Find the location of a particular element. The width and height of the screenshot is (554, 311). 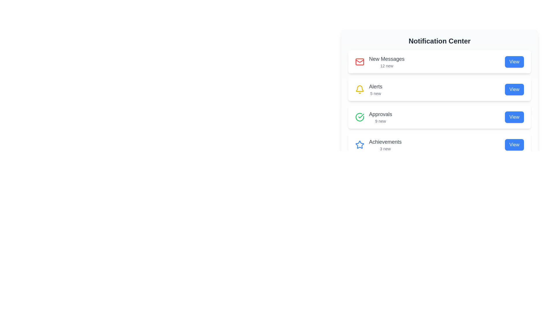

the button located at the end of the 'New Messages' notification entry is located at coordinates (514, 62).